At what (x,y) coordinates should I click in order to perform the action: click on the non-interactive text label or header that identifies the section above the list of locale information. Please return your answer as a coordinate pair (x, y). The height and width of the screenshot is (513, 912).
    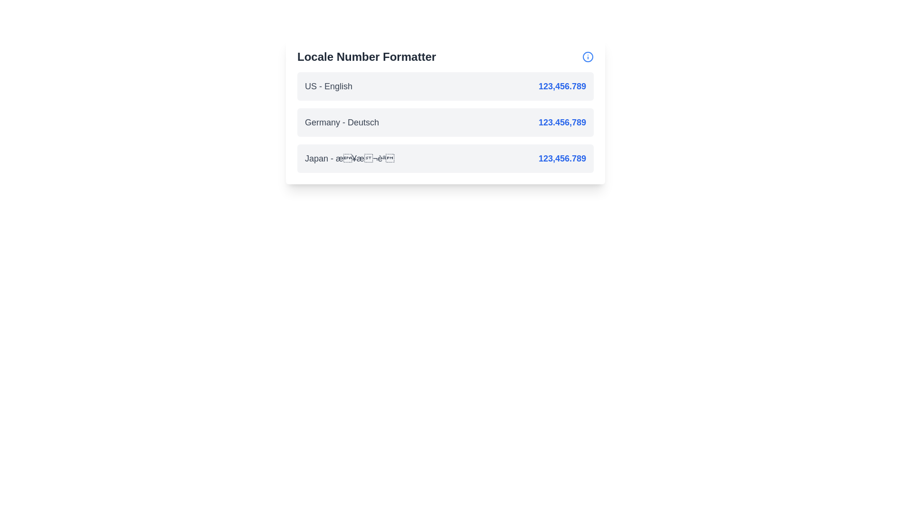
    Looking at the image, I should click on (366, 57).